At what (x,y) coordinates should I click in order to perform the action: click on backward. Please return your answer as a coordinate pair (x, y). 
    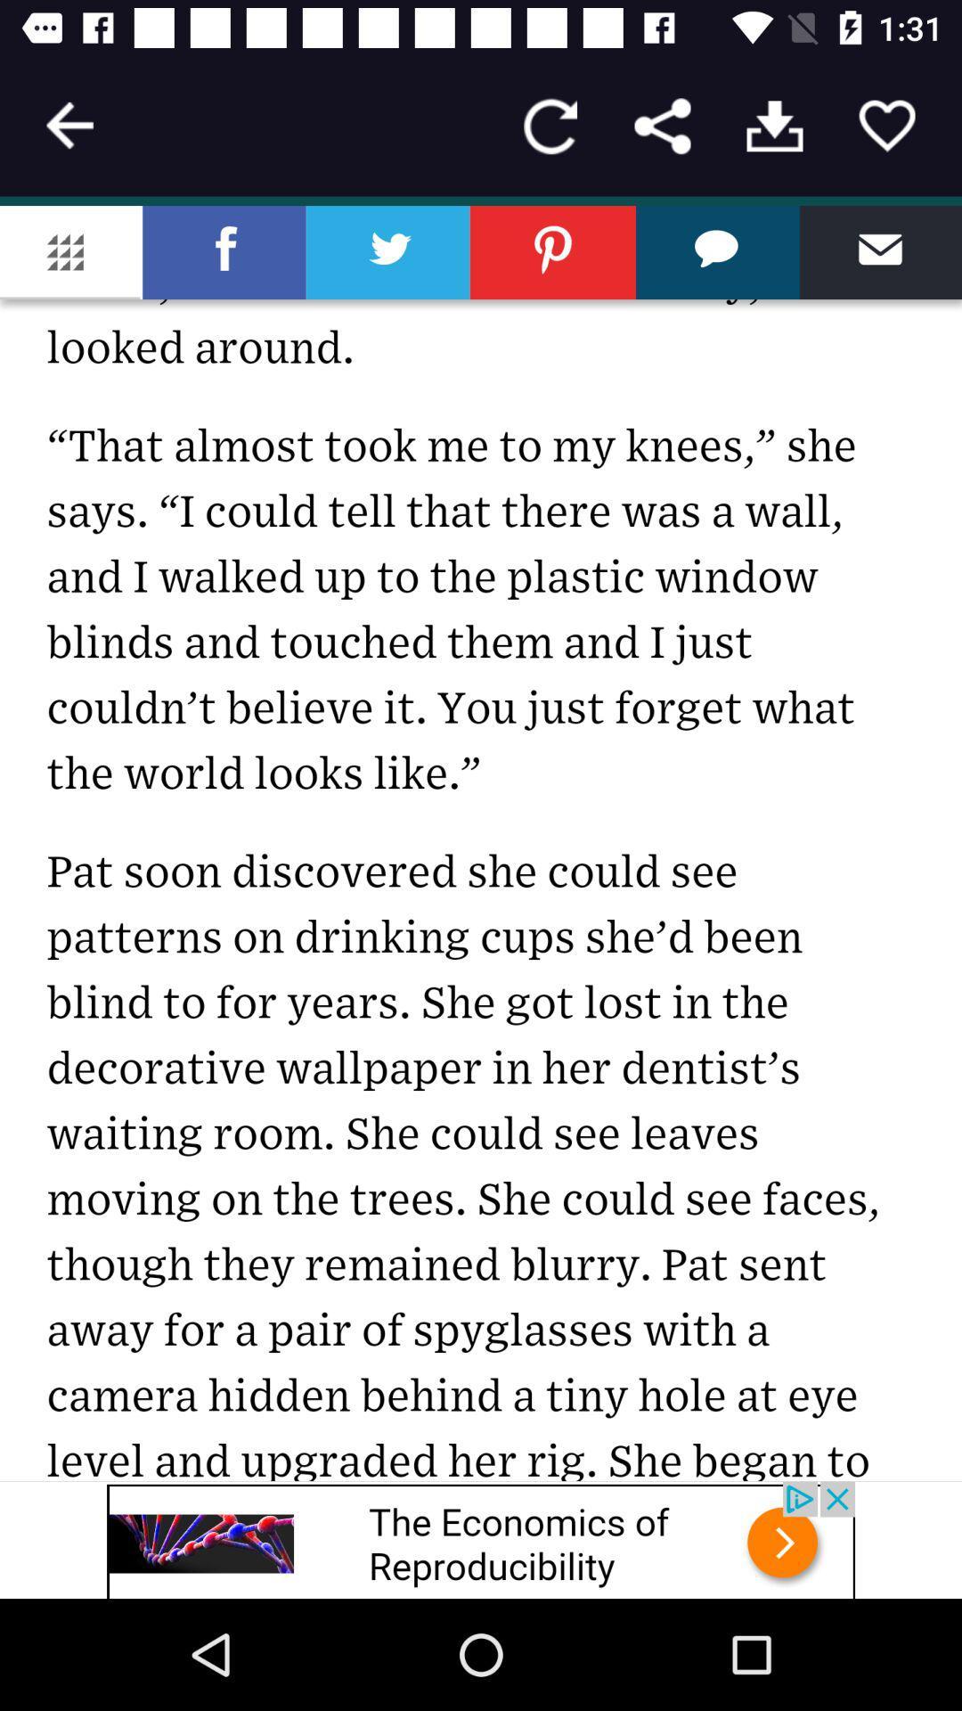
    Looking at the image, I should click on (69, 125).